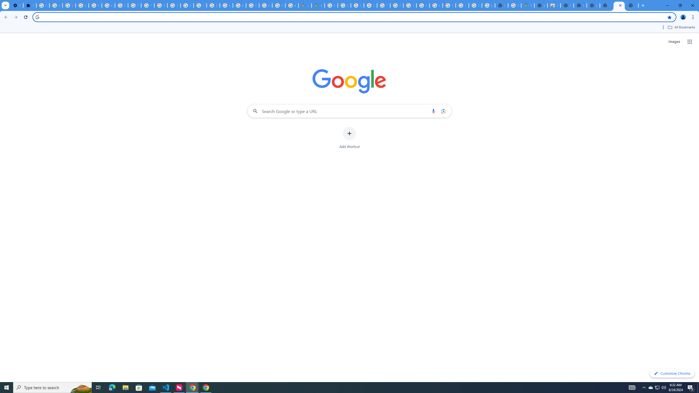  What do you see at coordinates (147, 5) in the screenshot?
I see `'YouTube'` at bounding box center [147, 5].